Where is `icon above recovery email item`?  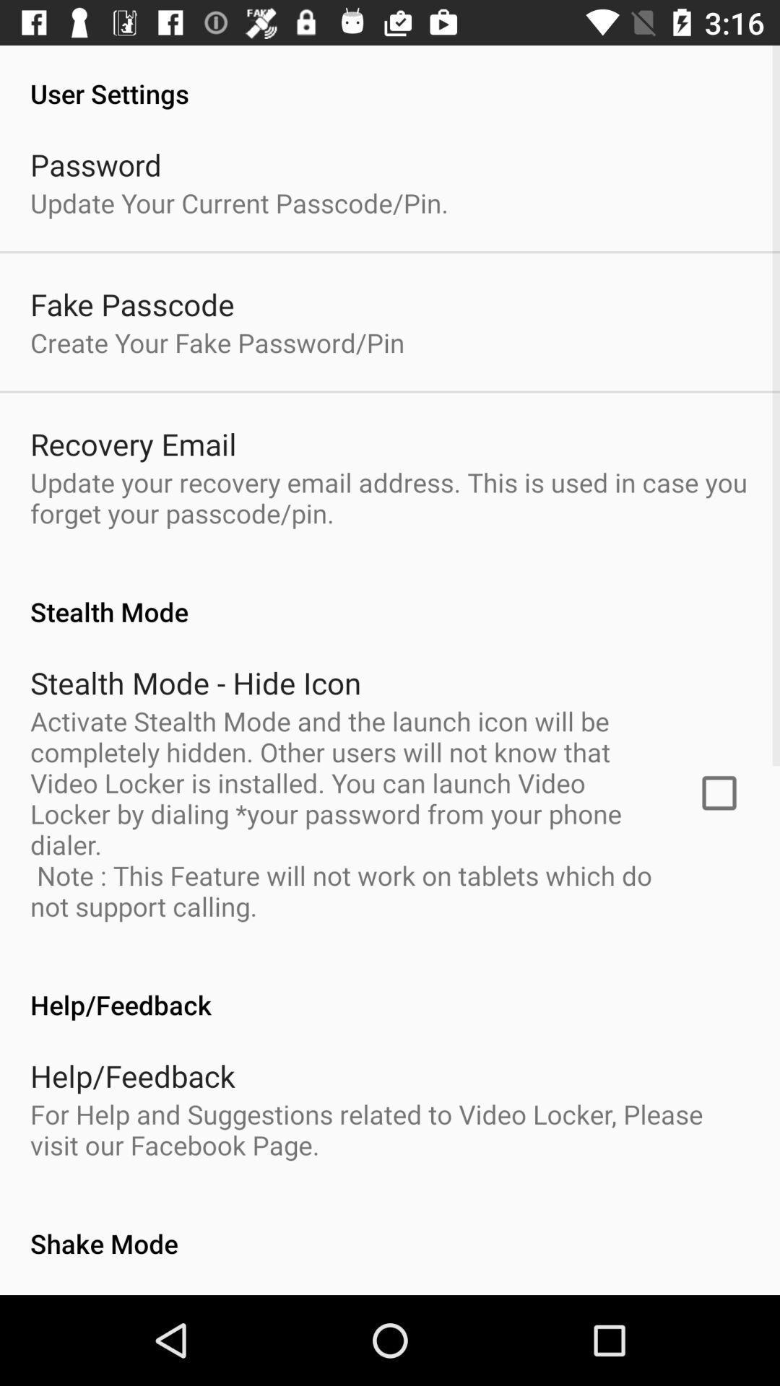 icon above recovery email item is located at coordinates (217, 341).